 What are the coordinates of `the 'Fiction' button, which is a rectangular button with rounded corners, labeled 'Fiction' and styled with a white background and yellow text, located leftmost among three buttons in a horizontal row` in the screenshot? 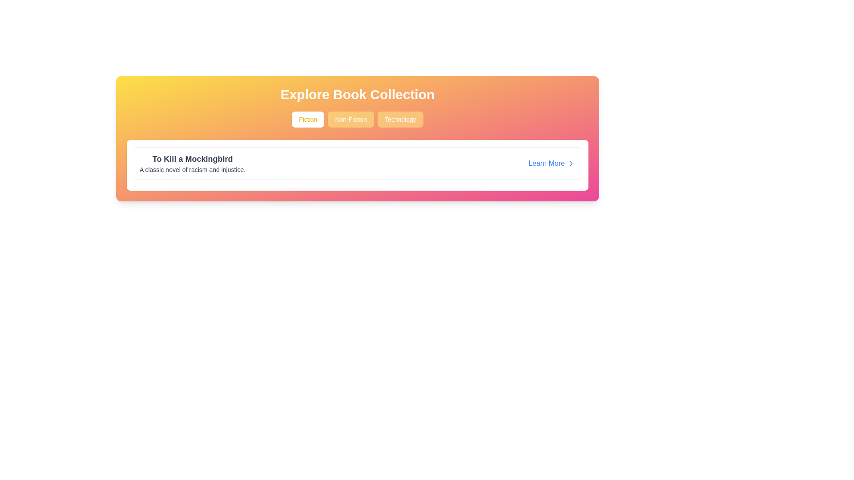 It's located at (308, 119).